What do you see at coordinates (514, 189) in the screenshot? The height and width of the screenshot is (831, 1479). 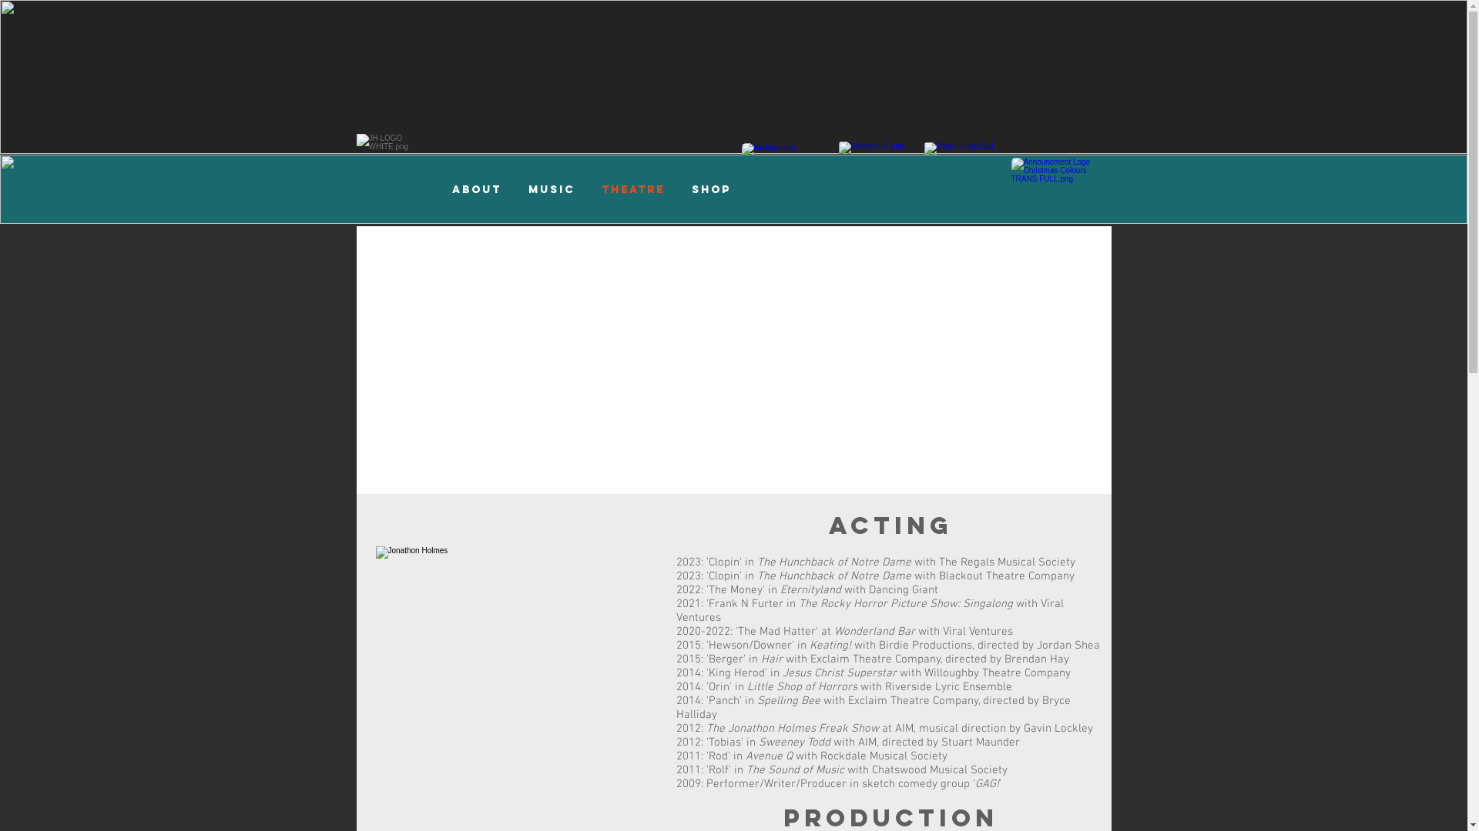 I see `'MUSIC'` at bounding box center [514, 189].